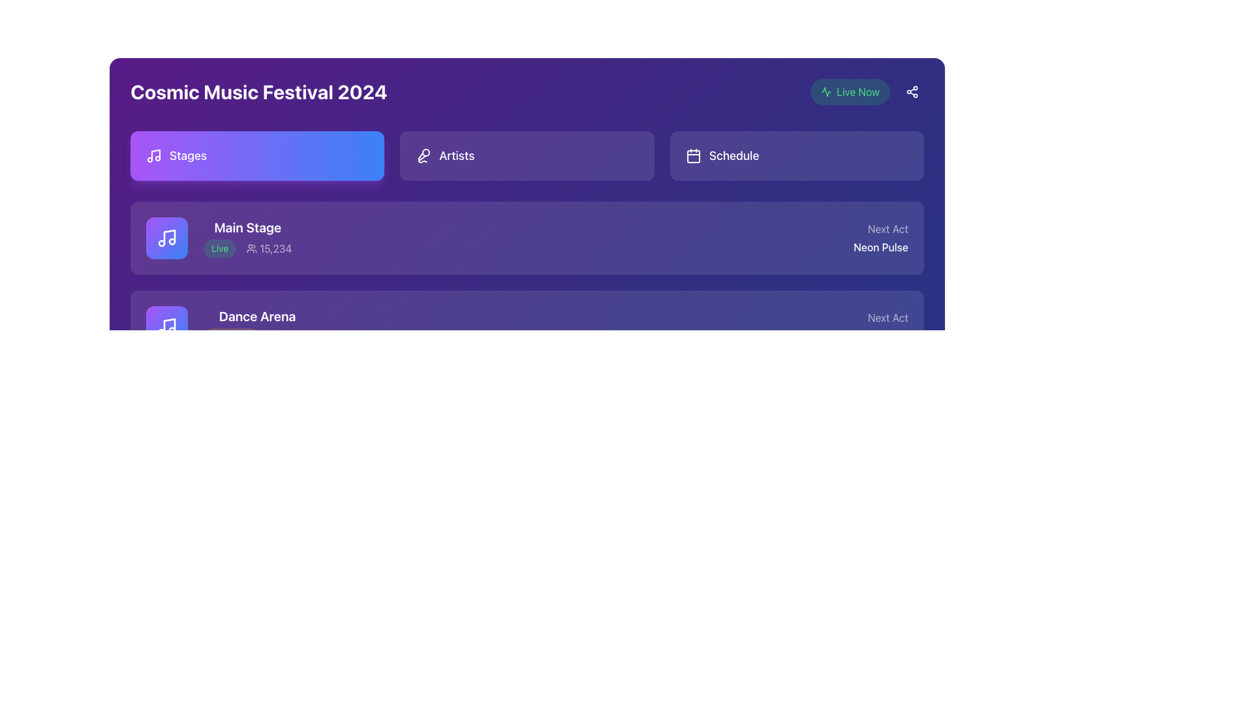 The width and height of the screenshot is (1253, 705). What do you see at coordinates (268, 249) in the screenshot?
I see `the text label indicating the number of attendees for the 'Main Stage' event, which is positioned to the right of a green 'Live' badge and below the 'Main Stage' title` at bounding box center [268, 249].